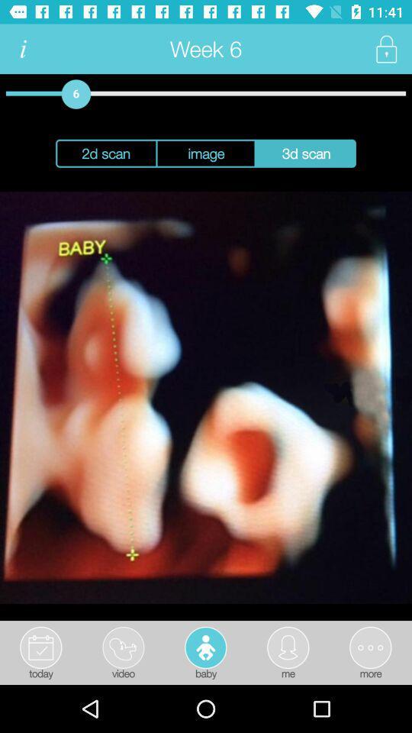 The height and width of the screenshot is (733, 412). What do you see at coordinates (306, 153) in the screenshot?
I see `the 3d scan icon` at bounding box center [306, 153].